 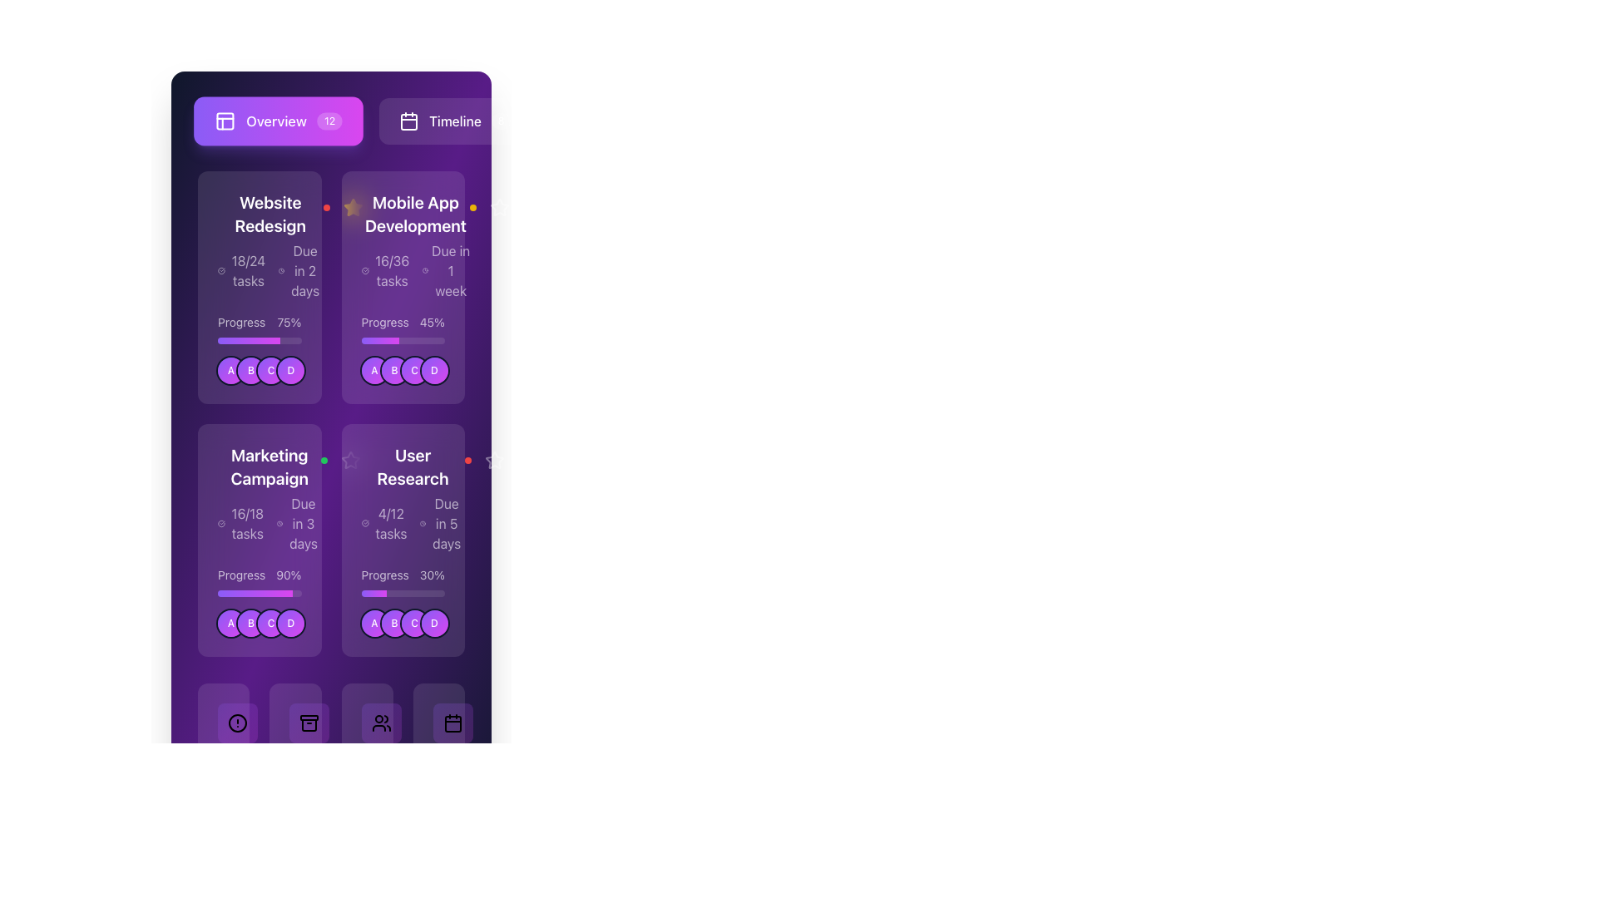 What do you see at coordinates (229, 592) in the screenshot?
I see `progress bar` at bounding box center [229, 592].